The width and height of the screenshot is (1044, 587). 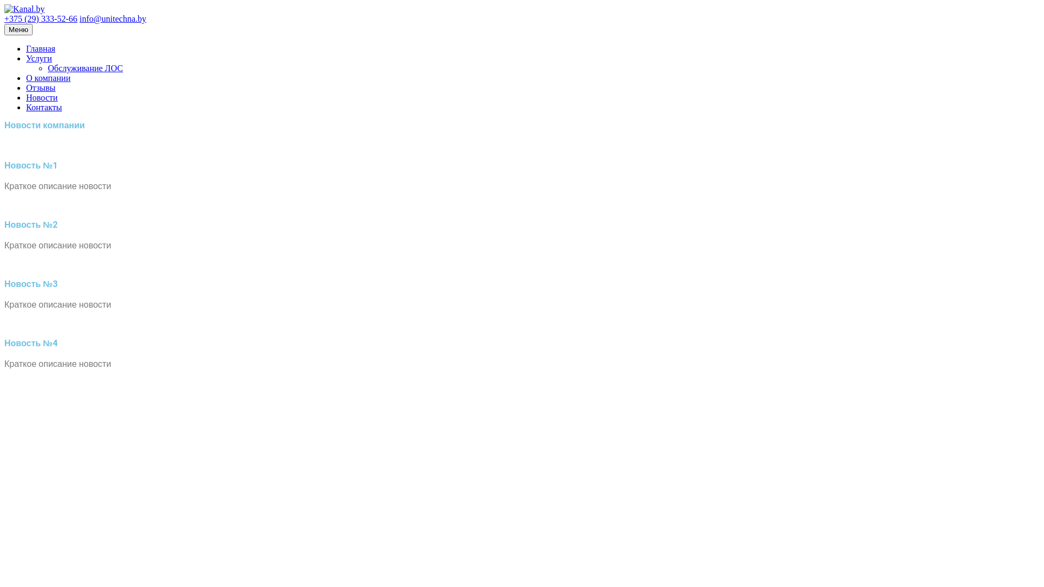 I want to click on '+375 (29) 333-52-66', so click(x=41, y=18).